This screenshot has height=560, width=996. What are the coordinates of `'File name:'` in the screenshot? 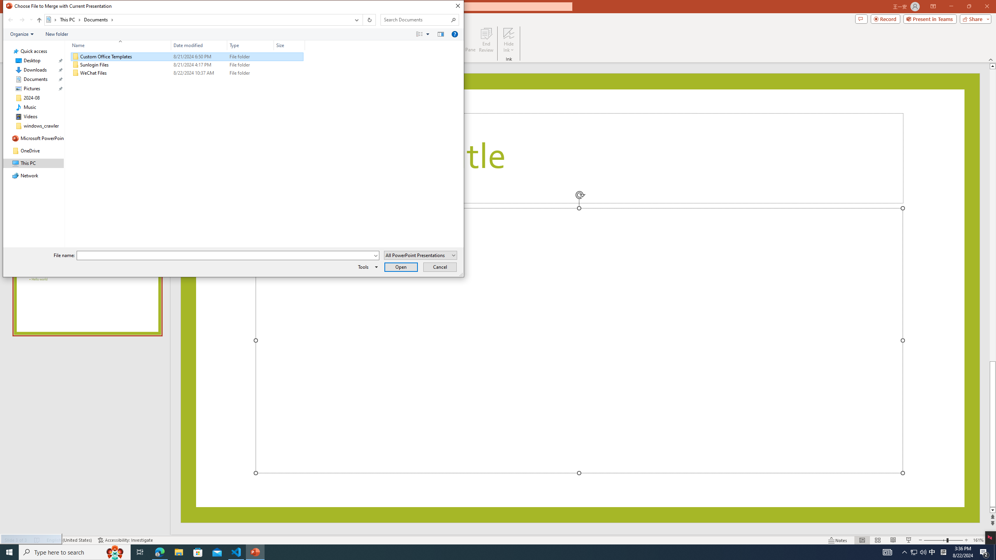 It's located at (225, 255).